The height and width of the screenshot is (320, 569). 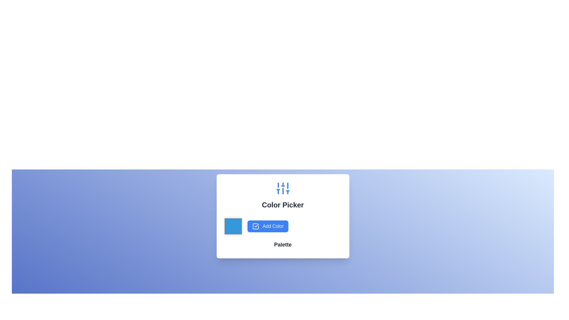 What do you see at coordinates (282, 246) in the screenshot?
I see `the 'Palette' text label, which is styled in bold, dark gray font and located at the bottom of the panel under the 'Add Color' section` at bounding box center [282, 246].